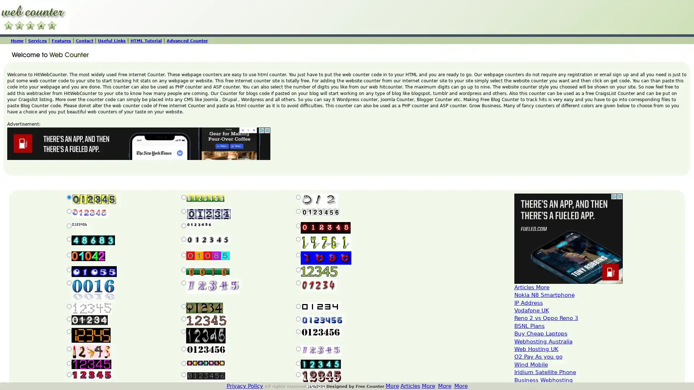  What do you see at coordinates (205, 363) in the screenshot?
I see `Submit` at bounding box center [205, 363].